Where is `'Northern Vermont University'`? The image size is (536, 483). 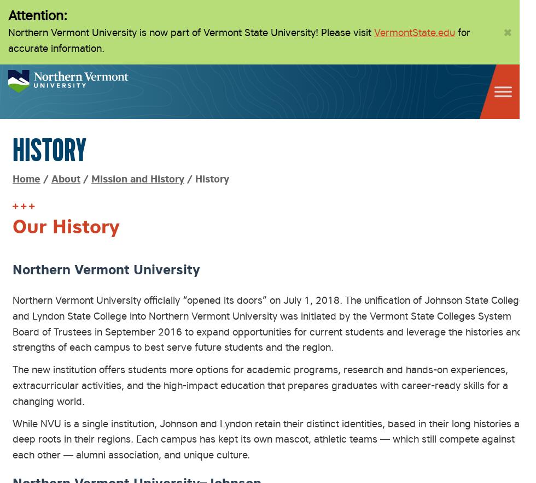 'Northern Vermont University' is located at coordinates (106, 268).